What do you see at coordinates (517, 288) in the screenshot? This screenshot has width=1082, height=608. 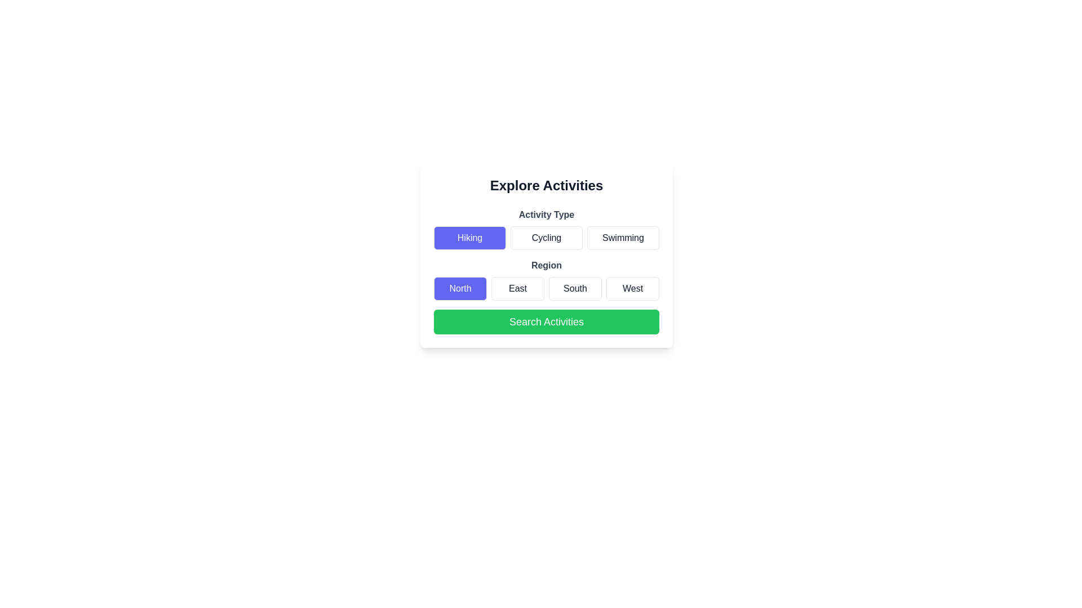 I see `the 'East' button, which is the second button in a row of four within the 'Region' section of a grid layout` at bounding box center [517, 288].